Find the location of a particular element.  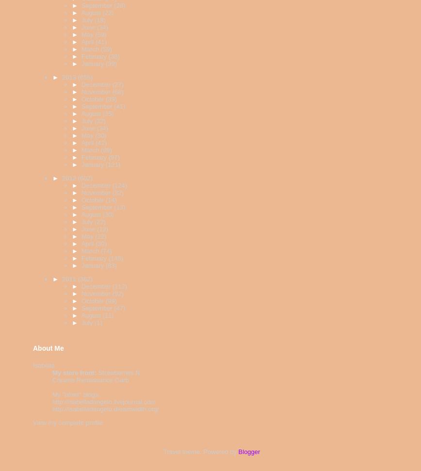

'(145)' is located at coordinates (115, 258).